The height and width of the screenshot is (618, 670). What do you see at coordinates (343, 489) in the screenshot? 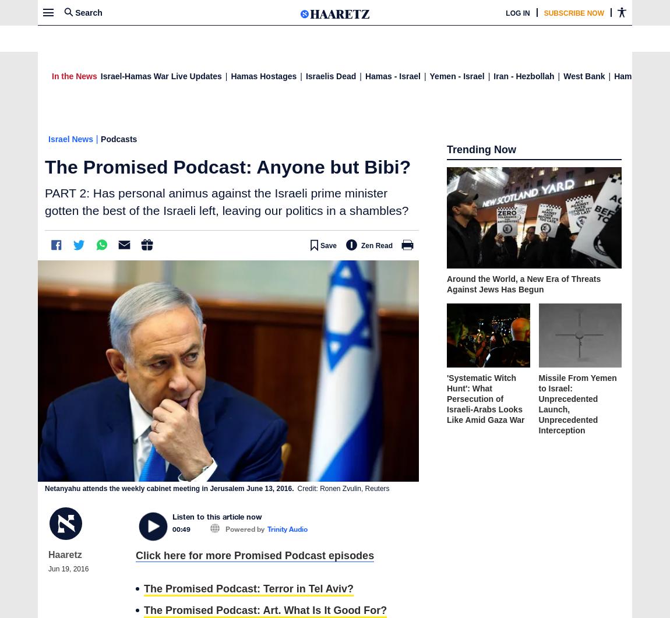
I see `'Credit: Ronen Zvulin, Reuters'` at bounding box center [343, 489].